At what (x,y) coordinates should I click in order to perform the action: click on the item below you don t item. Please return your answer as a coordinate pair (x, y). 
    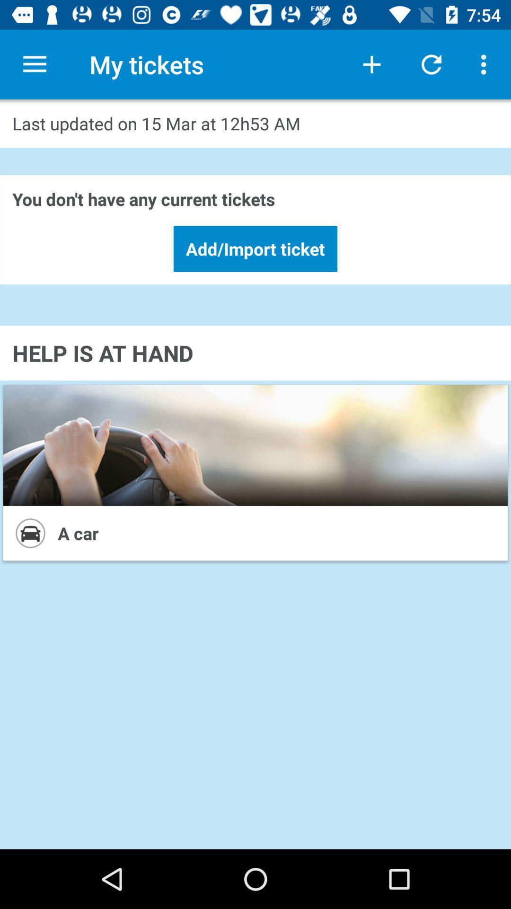
    Looking at the image, I should click on (255, 249).